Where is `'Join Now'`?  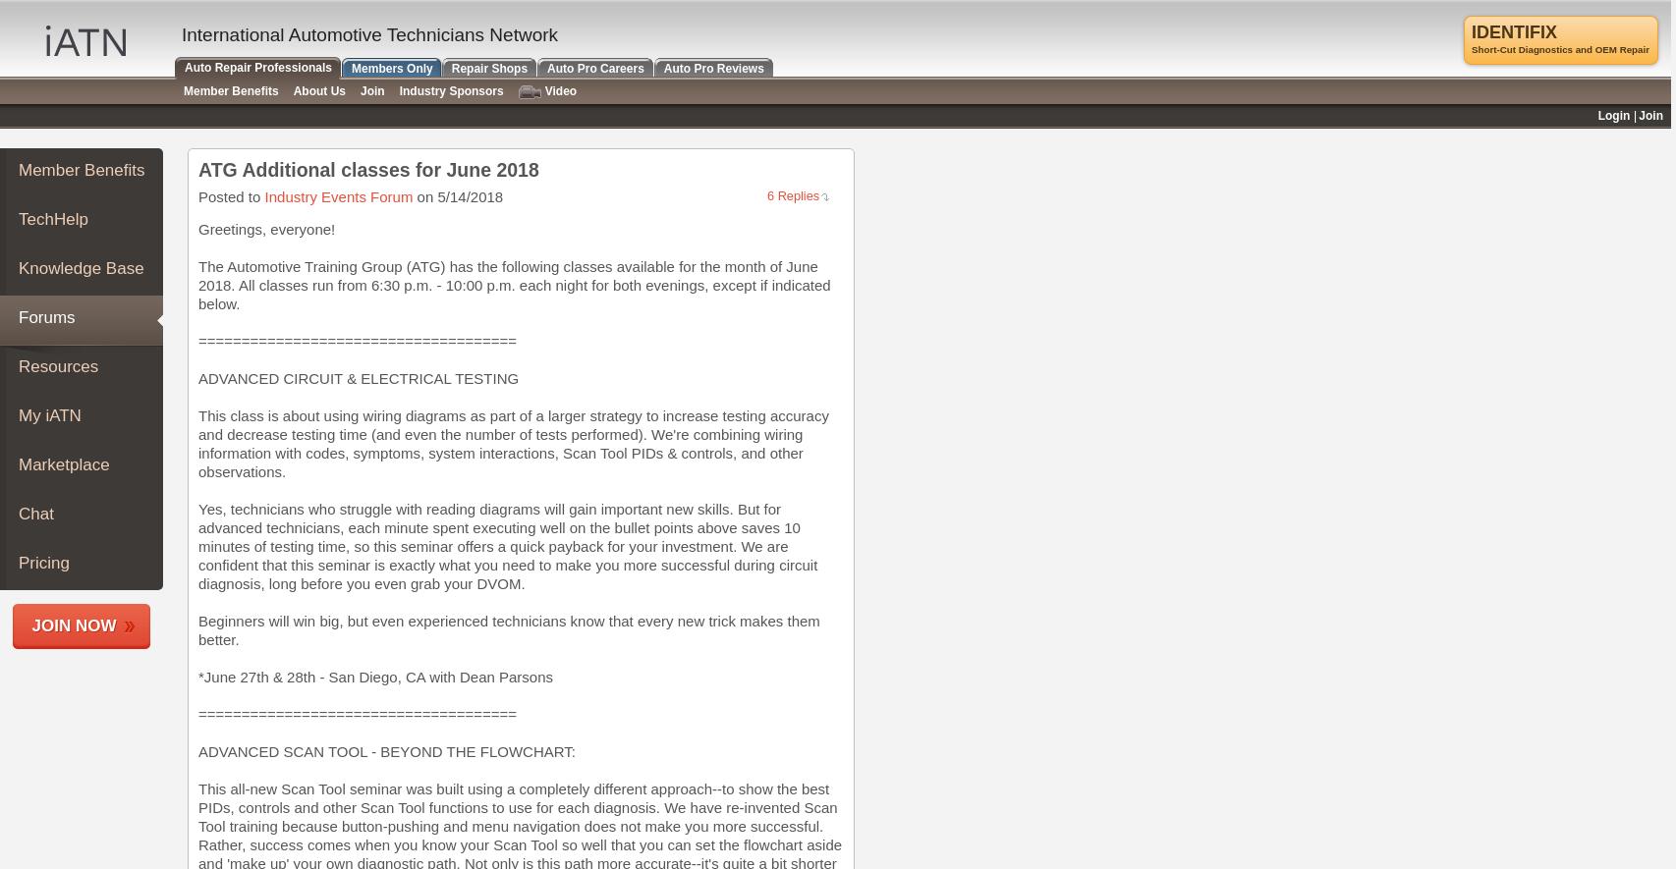 'Join Now' is located at coordinates (74, 625).